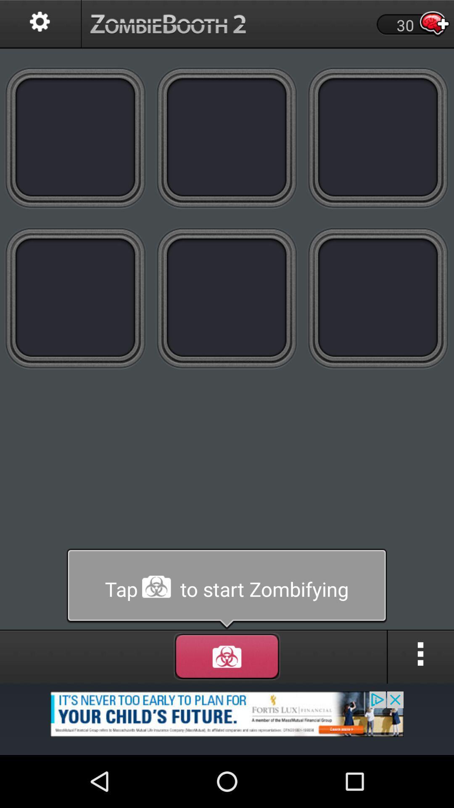 The image size is (454, 808). I want to click on photo, so click(377, 298).